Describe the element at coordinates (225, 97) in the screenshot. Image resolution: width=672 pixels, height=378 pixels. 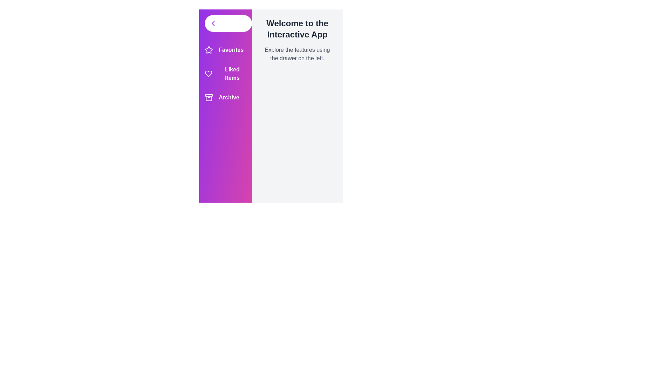
I see `the 'Archive' menu item in the drawer` at that location.